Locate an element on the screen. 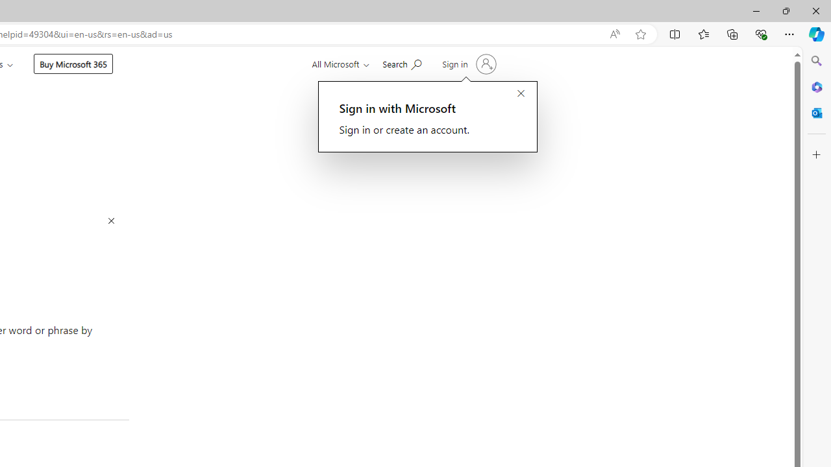  'Restore' is located at coordinates (785, 10).